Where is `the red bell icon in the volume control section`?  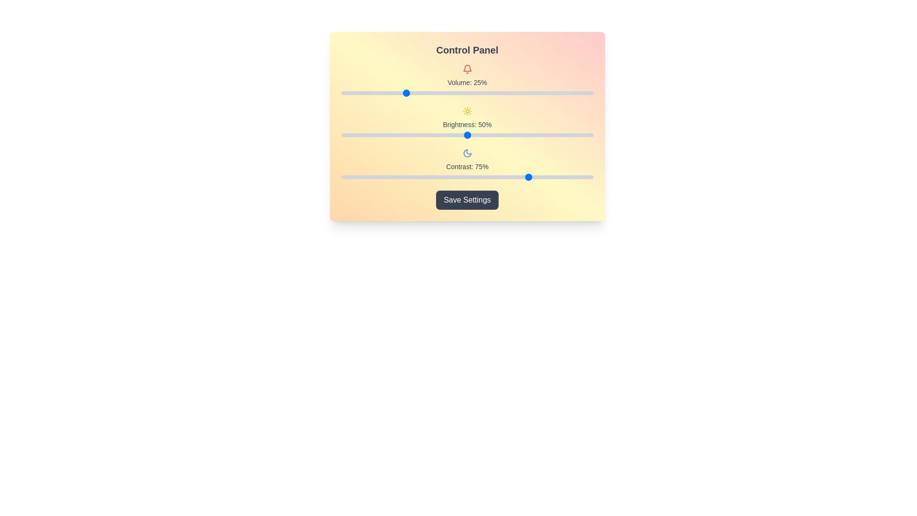
the red bell icon in the volume control section is located at coordinates (467, 79).